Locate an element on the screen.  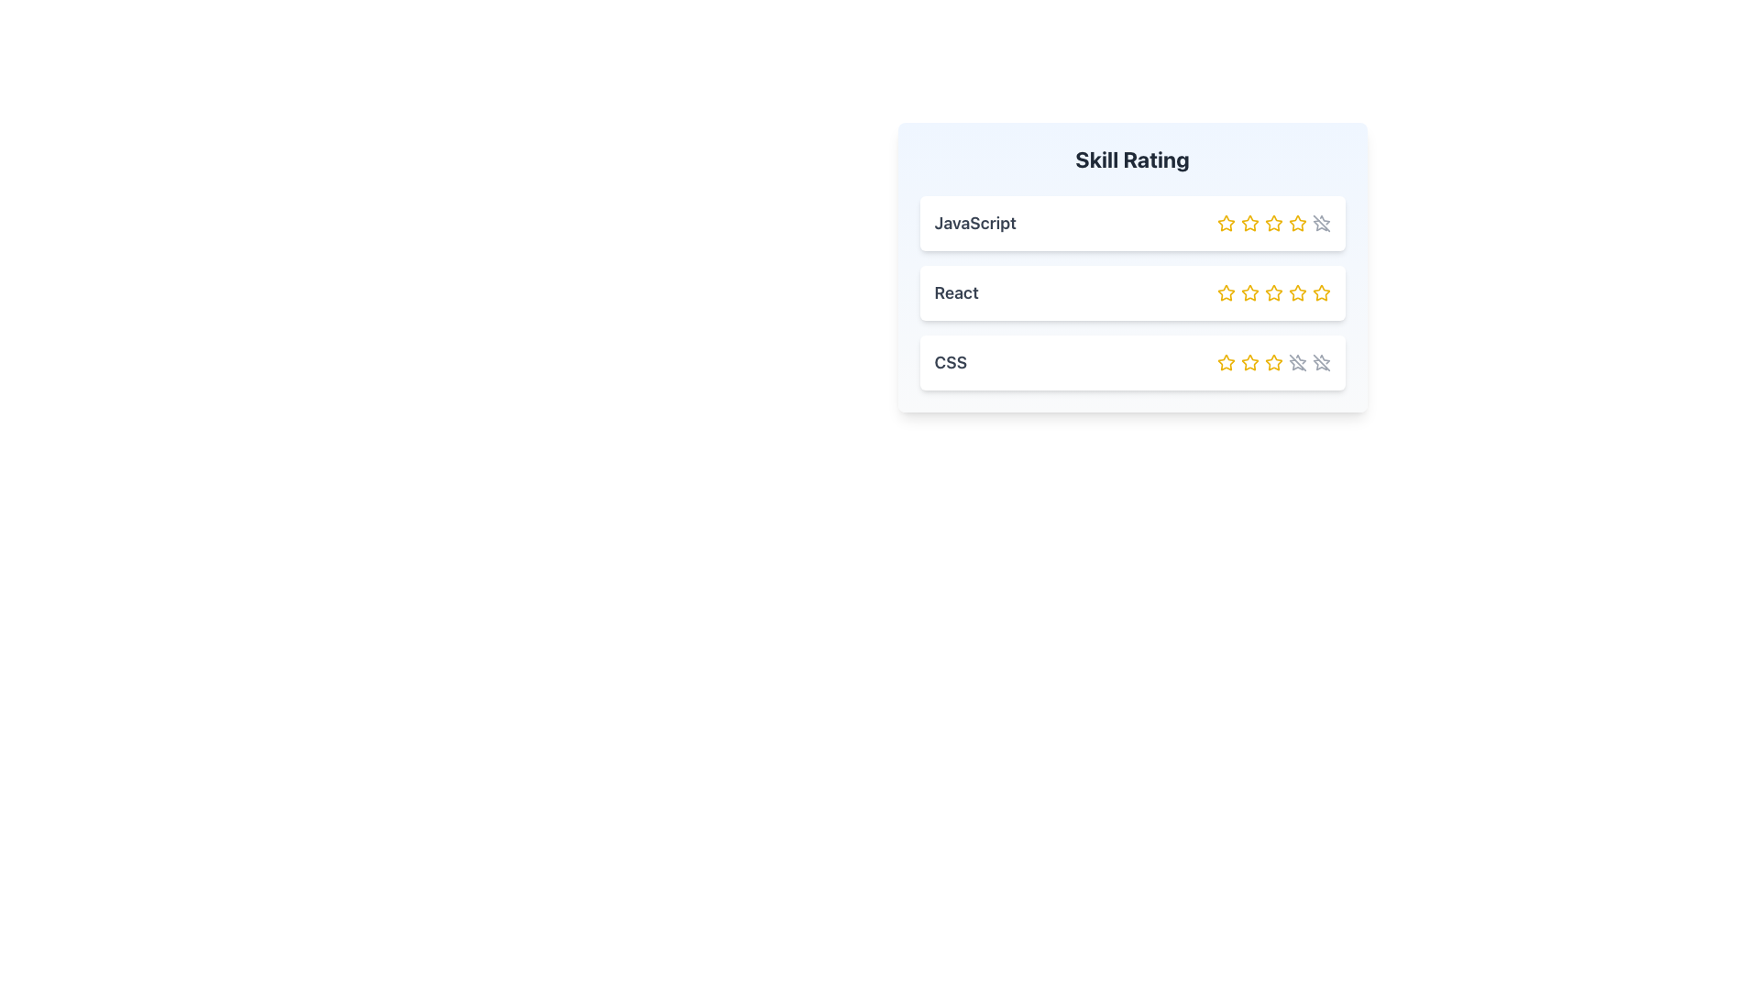
the fifth gold star icon is located at coordinates (1320, 291).